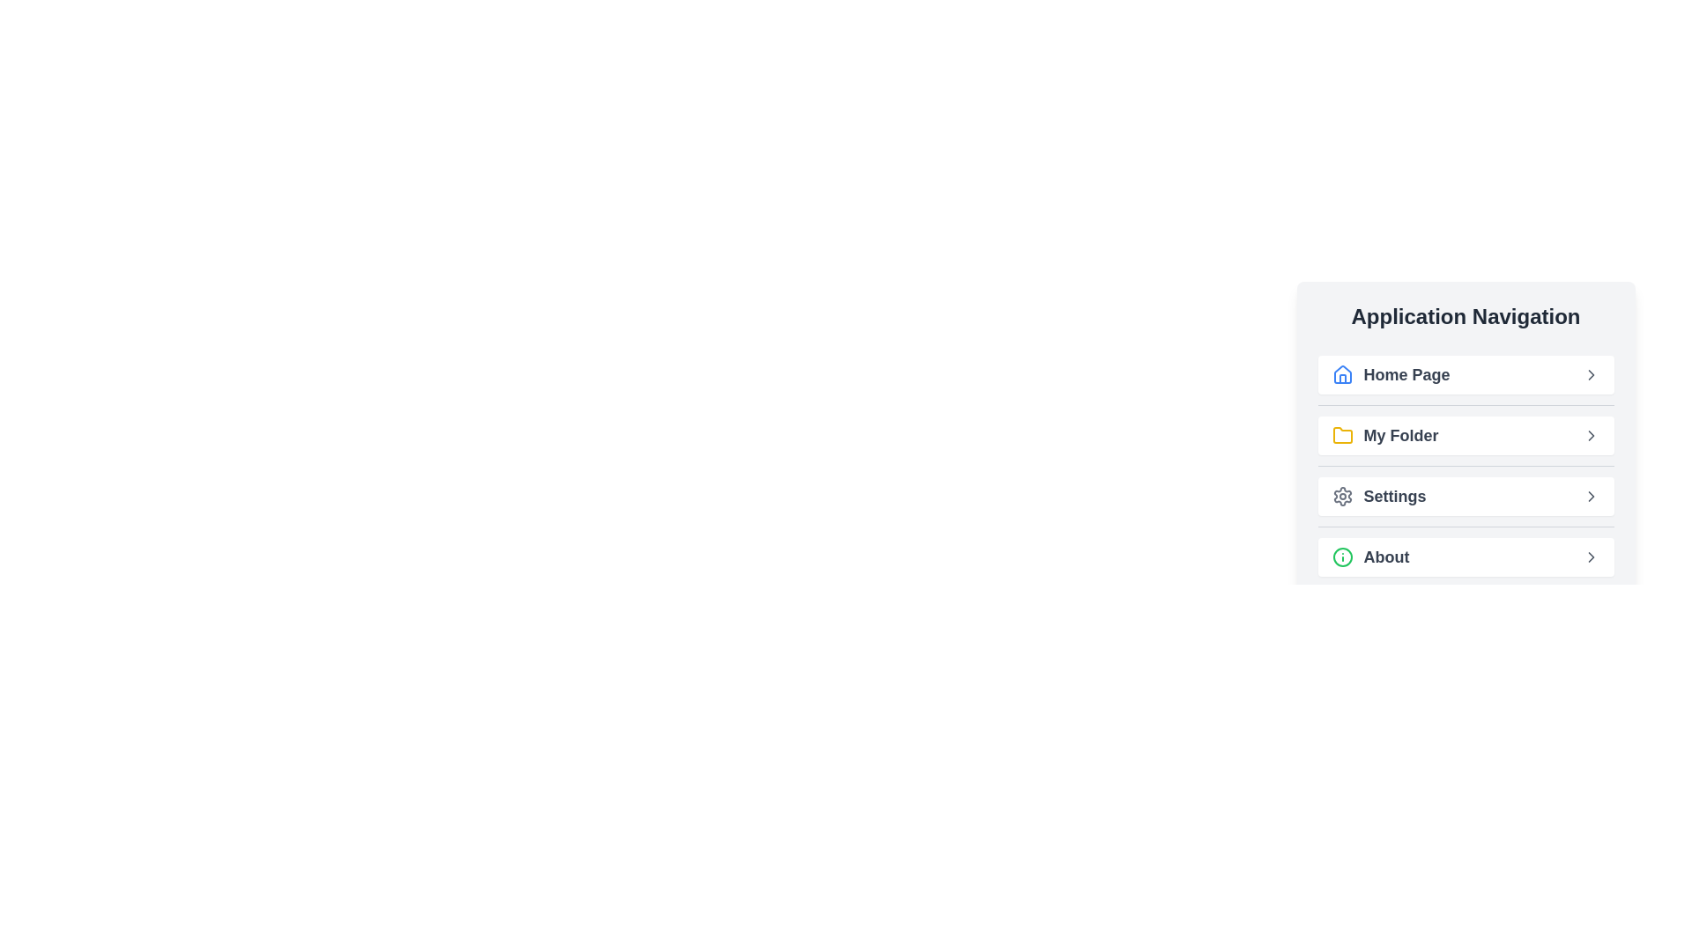 The width and height of the screenshot is (1692, 951). I want to click on the icon representing the 'About' section in the bottom section of the sidebar navigation menu, so click(1341, 557).